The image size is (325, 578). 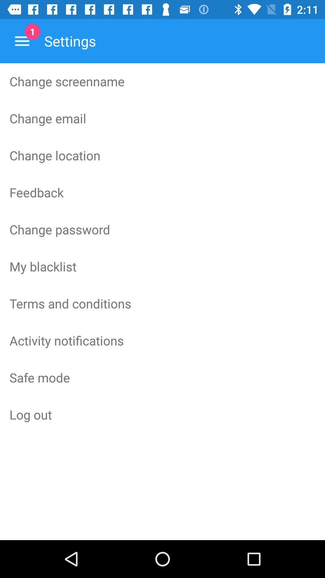 What do you see at coordinates (162, 155) in the screenshot?
I see `icon above the feedback item` at bounding box center [162, 155].